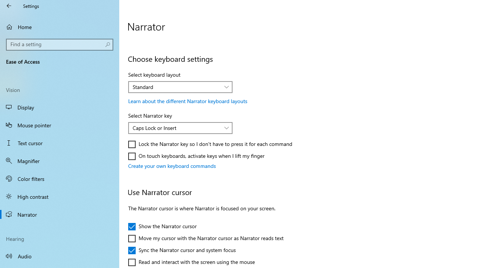 The width and height of the screenshot is (477, 268). Describe the element at coordinates (162, 226) in the screenshot. I see `'Show the Narrator cursor'` at that location.